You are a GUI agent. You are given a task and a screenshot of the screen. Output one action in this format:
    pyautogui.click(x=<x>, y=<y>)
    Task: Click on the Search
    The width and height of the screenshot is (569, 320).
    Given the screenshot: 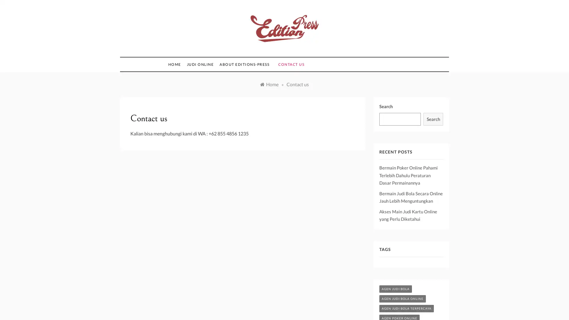 What is the action you would take?
    pyautogui.click(x=433, y=119)
    